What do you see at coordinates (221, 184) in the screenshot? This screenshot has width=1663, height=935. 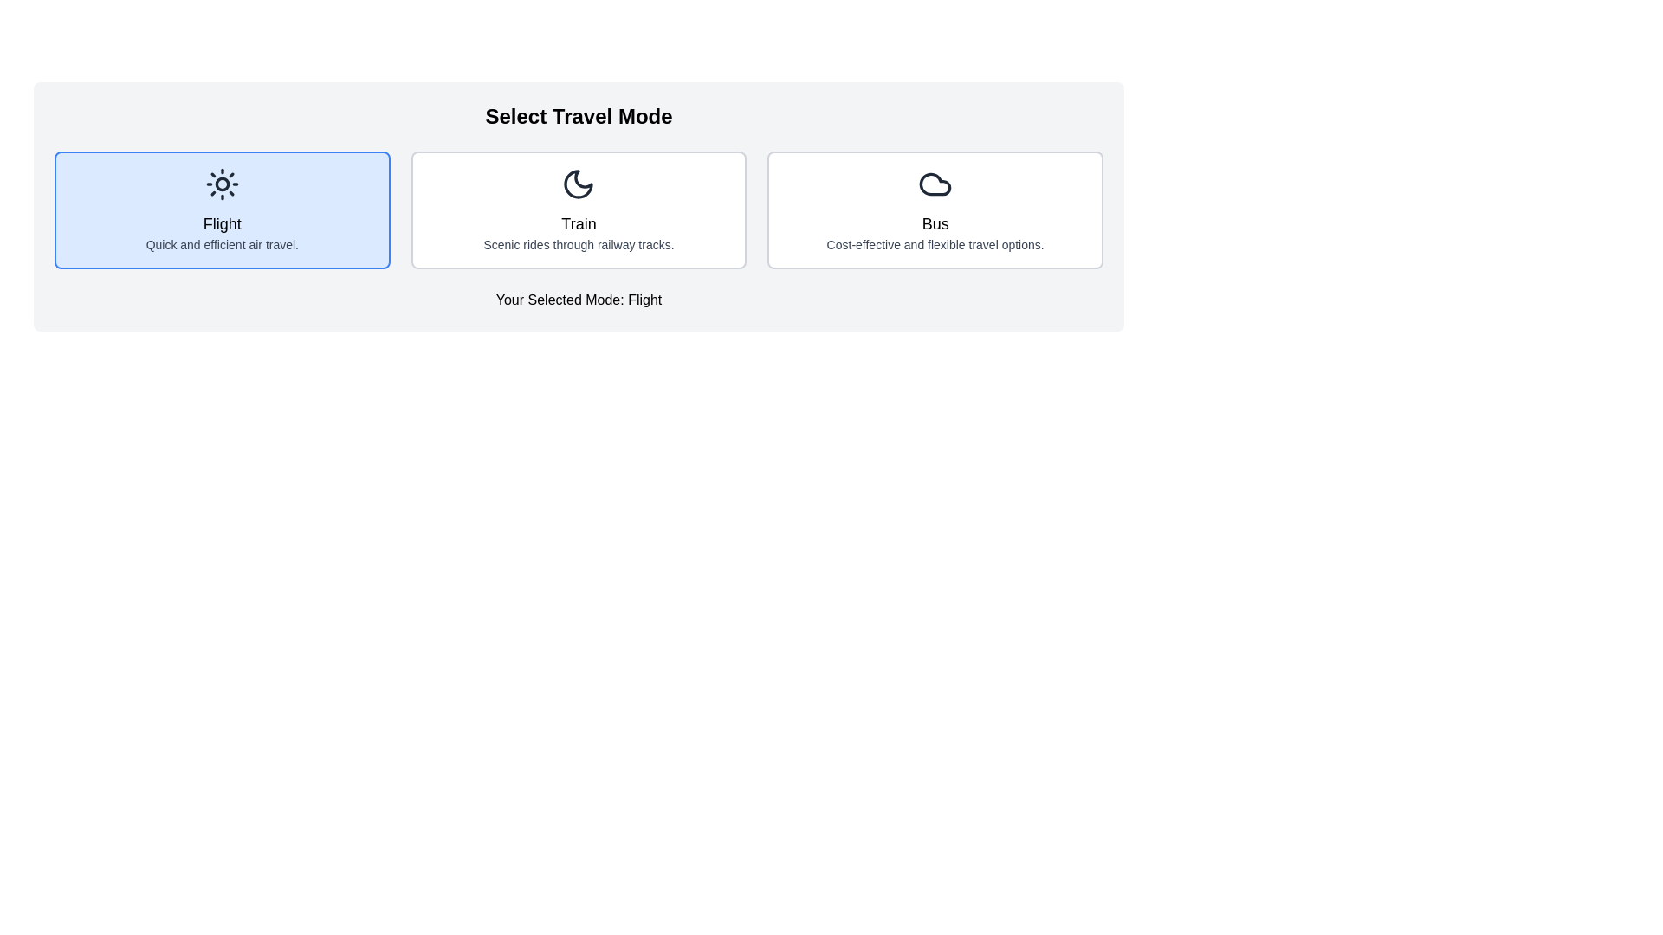 I see `the sun-shaped icon with rays, located above the text 'Flight' in a light blue rectangular section in the center of the interface` at bounding box center [221, 184].